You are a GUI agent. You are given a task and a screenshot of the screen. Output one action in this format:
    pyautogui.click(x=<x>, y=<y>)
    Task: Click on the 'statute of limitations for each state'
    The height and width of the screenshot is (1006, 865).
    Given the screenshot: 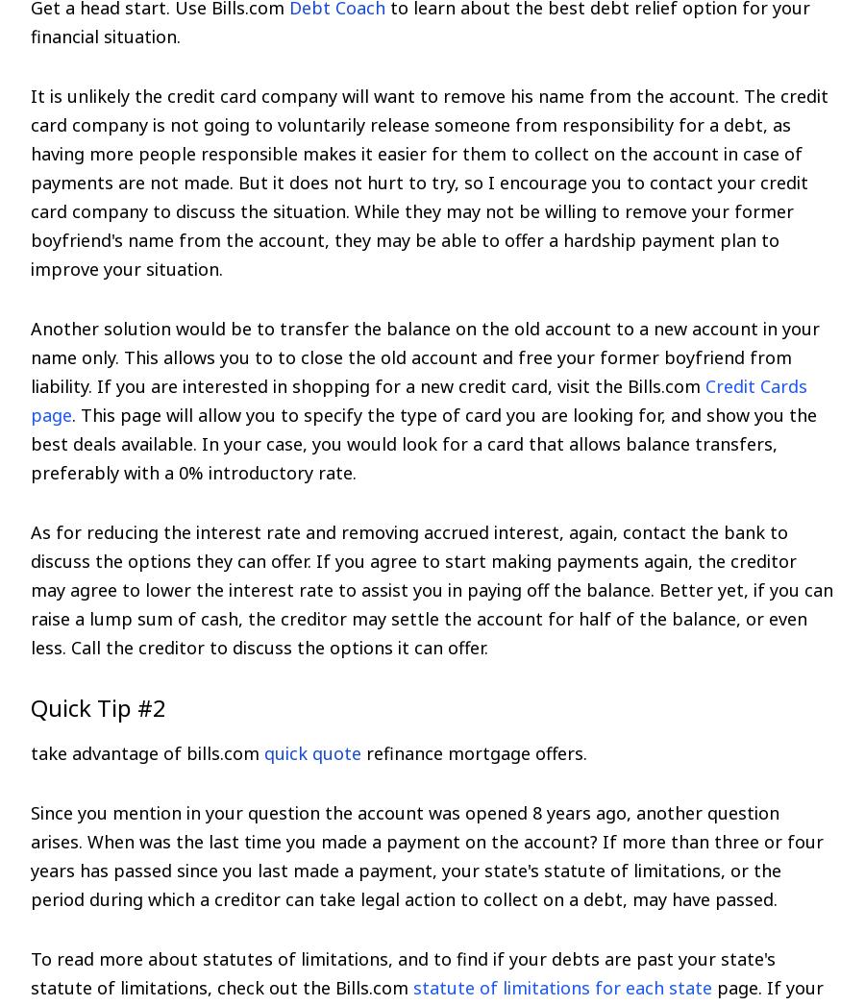 What is the action you would take?
    pyautogui.click(x=562, y=988)
    